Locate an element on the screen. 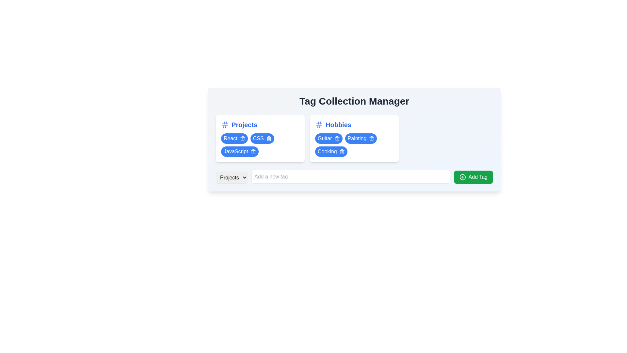 This screenshot has width=627, height=353. the delete button located to the right of the 'Cooking' tag in the 'Hobbies' section is located at coordinates (342, 151).